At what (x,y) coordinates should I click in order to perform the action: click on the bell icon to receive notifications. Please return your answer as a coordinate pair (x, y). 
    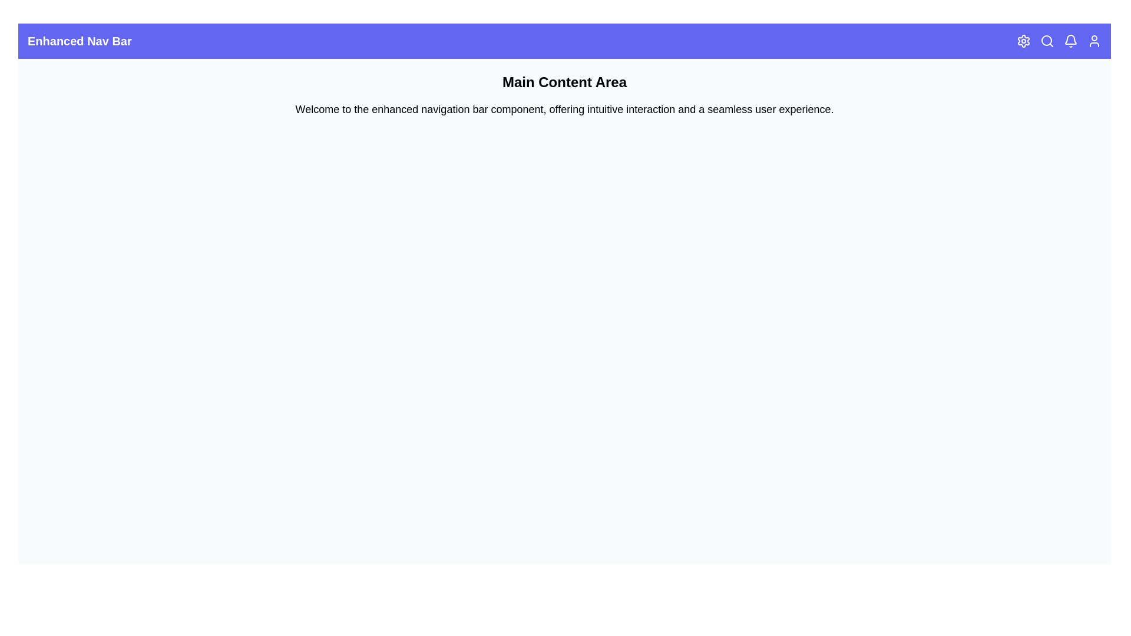
    Looking at the image, I should click on (1071, 40).